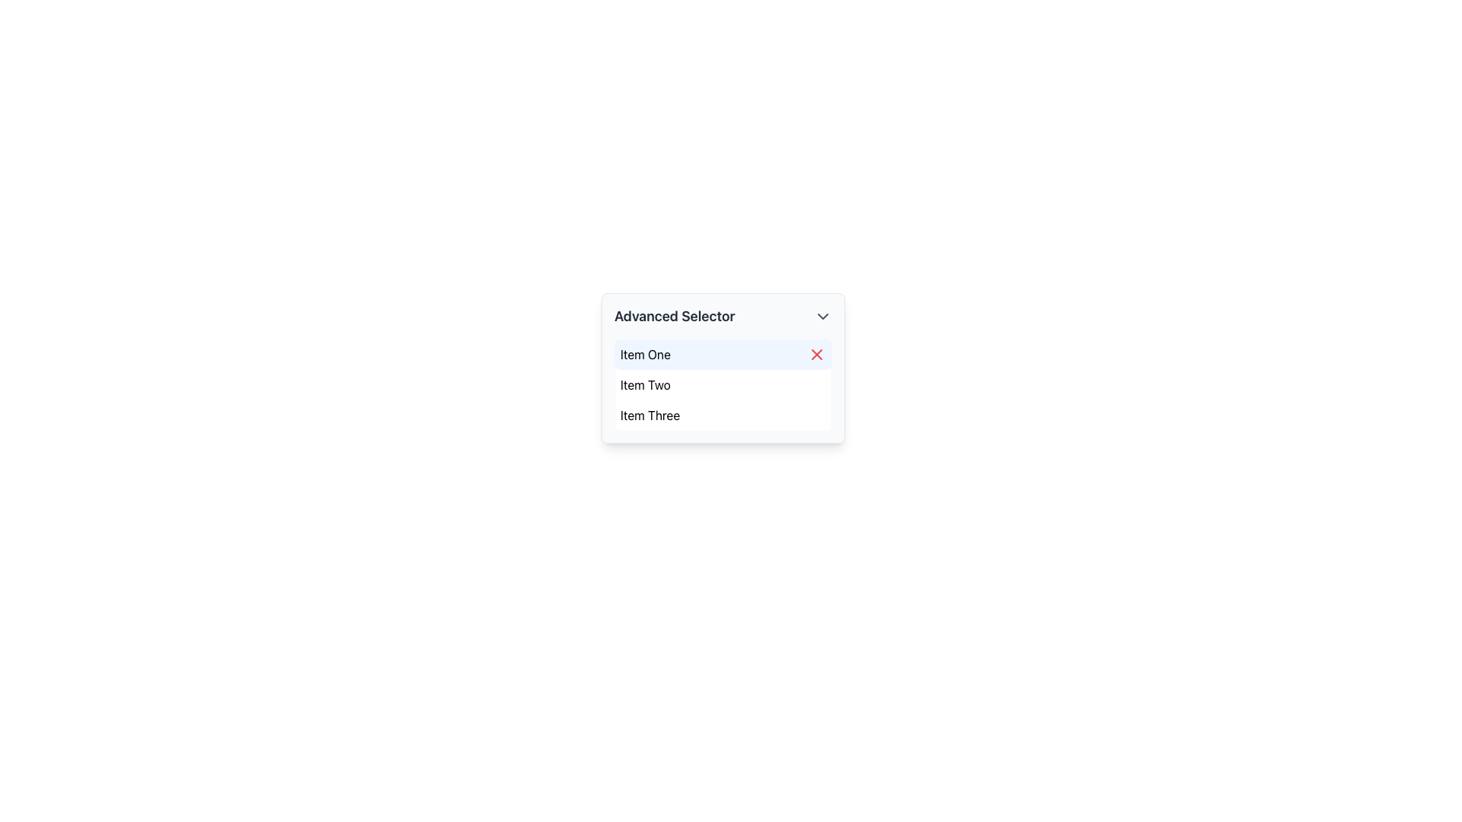  I want to click on the red 'X' icon button for clear/delete functionality located on the far right of the dropdown menu row labeled 'Item One' to clear the associated item, so click(816, 355).